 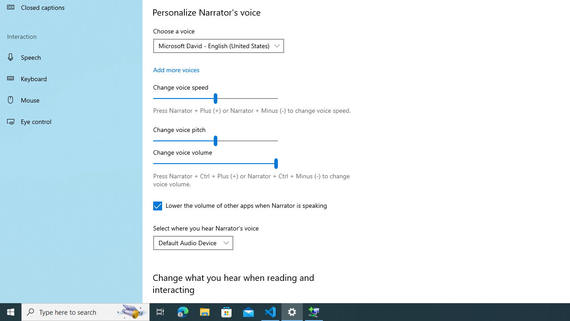 I want to click on 'Eye control', so click(x=71, y=121).